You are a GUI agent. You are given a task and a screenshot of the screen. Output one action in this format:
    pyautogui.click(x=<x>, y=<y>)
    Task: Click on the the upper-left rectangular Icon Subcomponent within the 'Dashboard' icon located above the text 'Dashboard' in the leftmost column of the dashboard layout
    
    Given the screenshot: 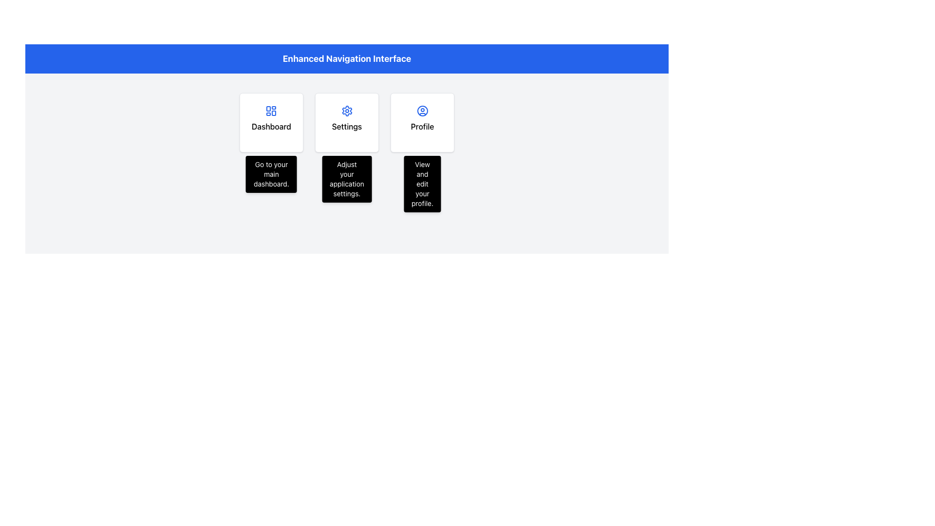 What is the action you would take?
    pyautogui.click(x=269, y=109)
    